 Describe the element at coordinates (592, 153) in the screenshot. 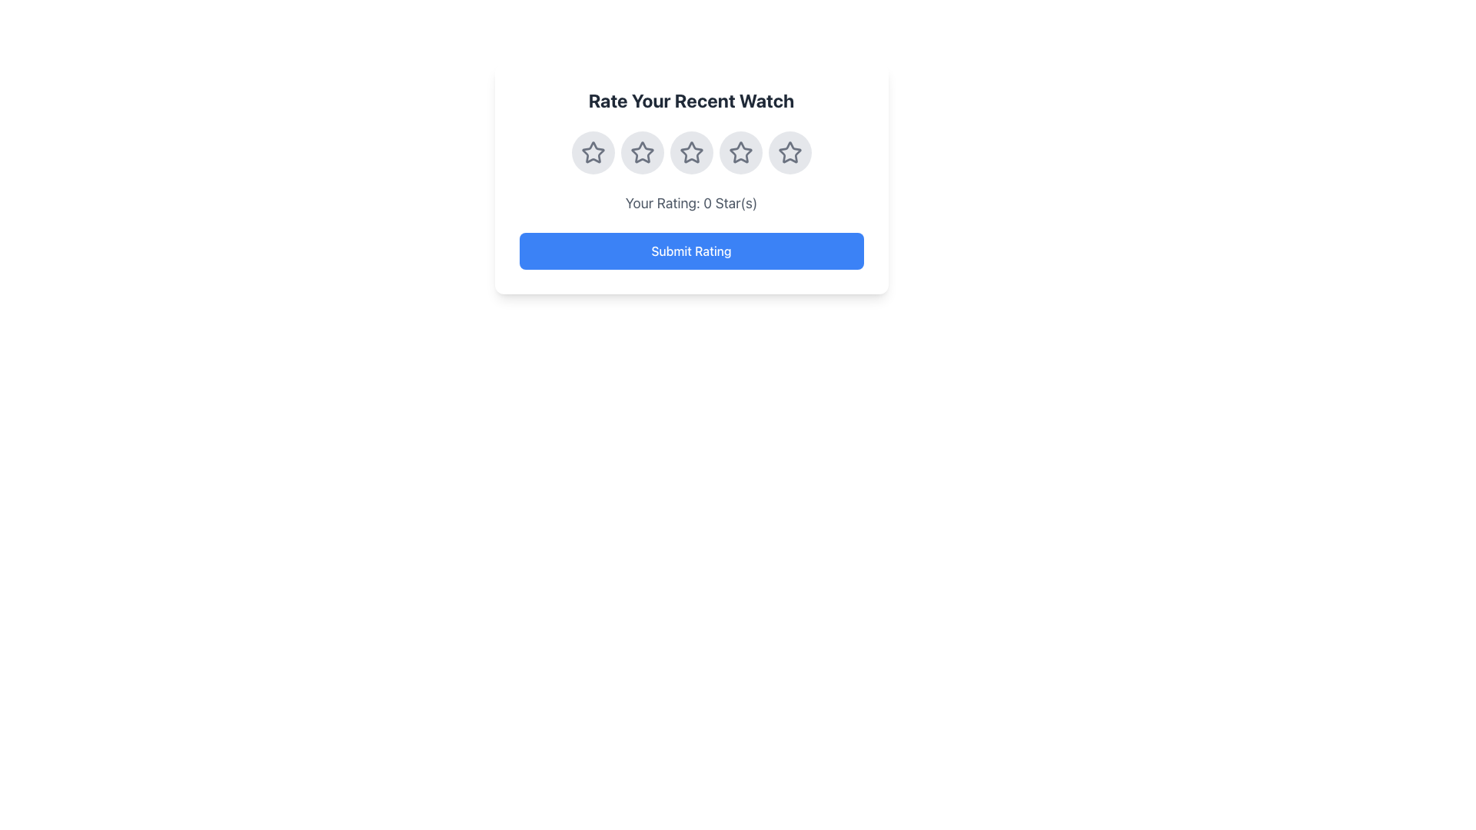

I see `the first rating star icon, which is a gray outlined star` at that location.